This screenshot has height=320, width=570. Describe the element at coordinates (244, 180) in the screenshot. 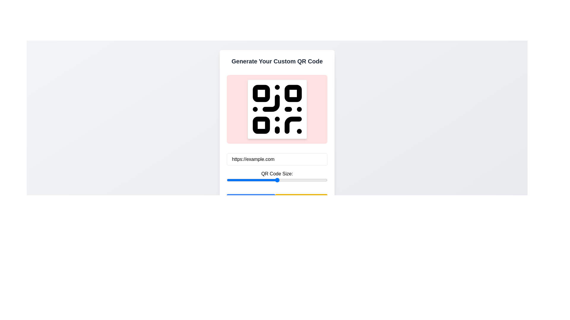

I see `the QR code size` at that location.